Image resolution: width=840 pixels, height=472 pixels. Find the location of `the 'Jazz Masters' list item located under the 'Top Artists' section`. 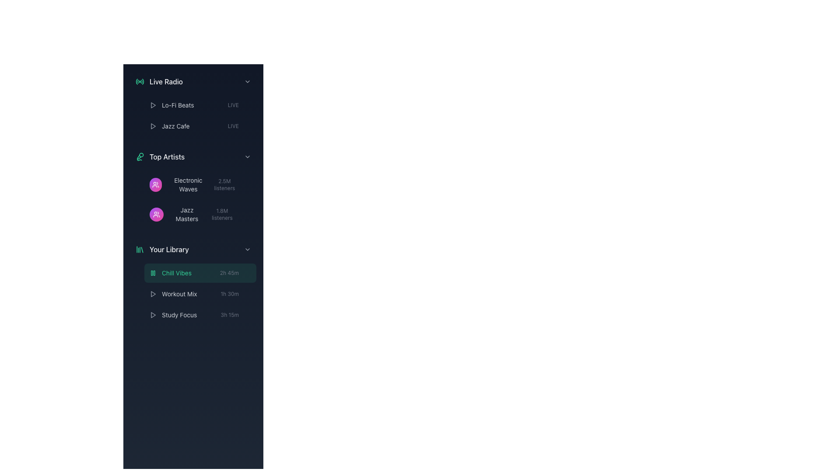

the 'Jazz Masters' list item located under the 'Top Artists' section is located at coordinates (199, 214).